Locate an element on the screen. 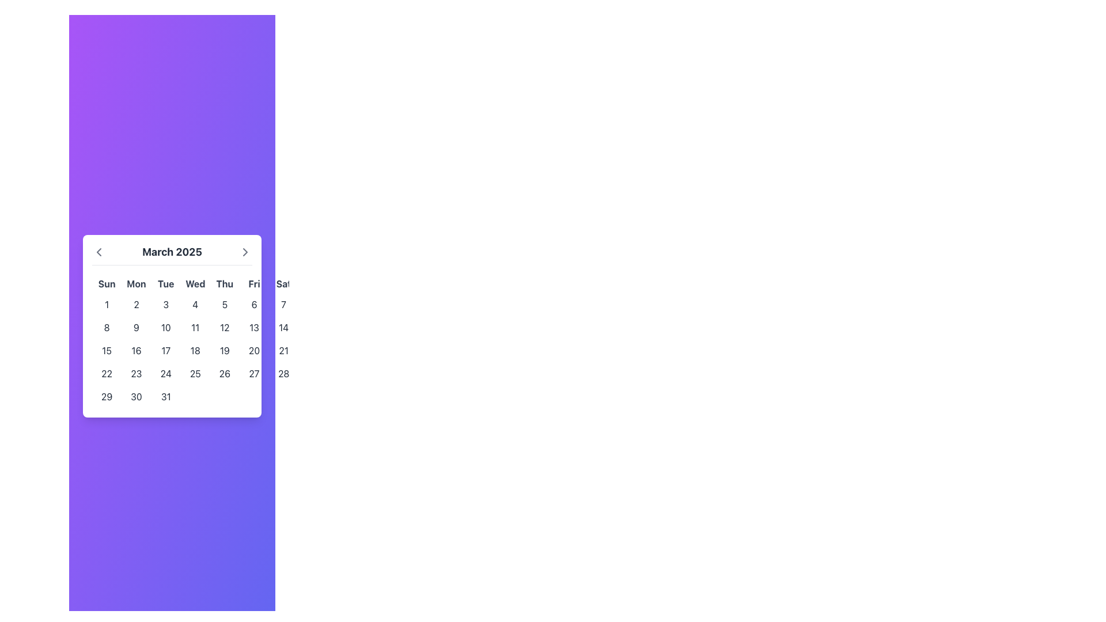 The image size is (1106, 622). the highlighted day, the 10th, in the white interactive calendar component with rounded corners and a shadow effect is located at coordinates (171, 326).